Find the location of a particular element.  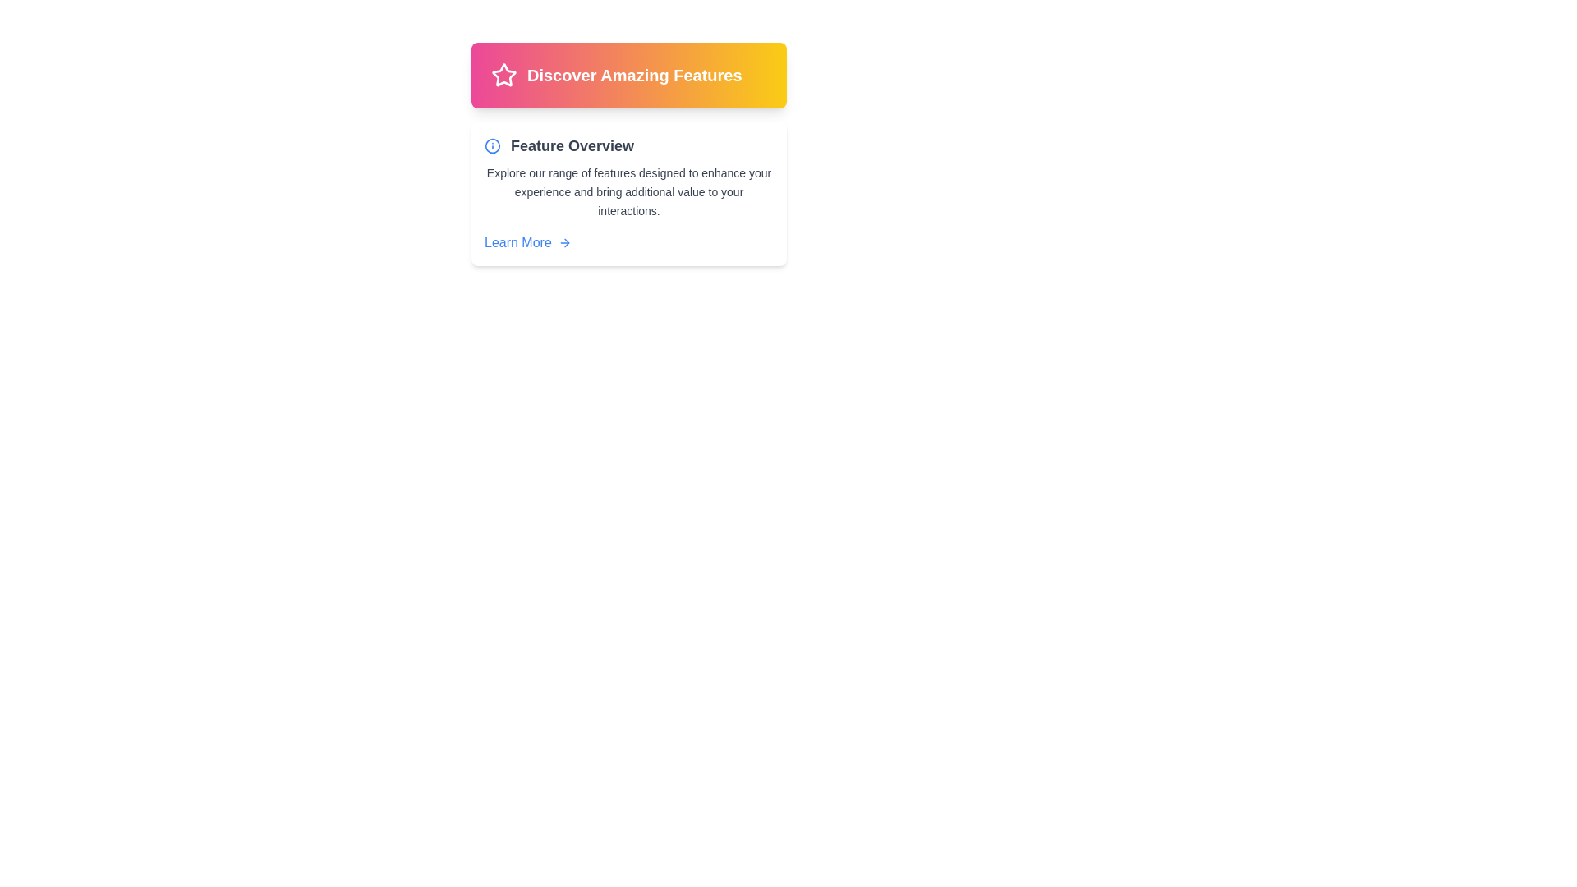

the hyperlink text element 'Learn More' is located at coordinates (517, 243).